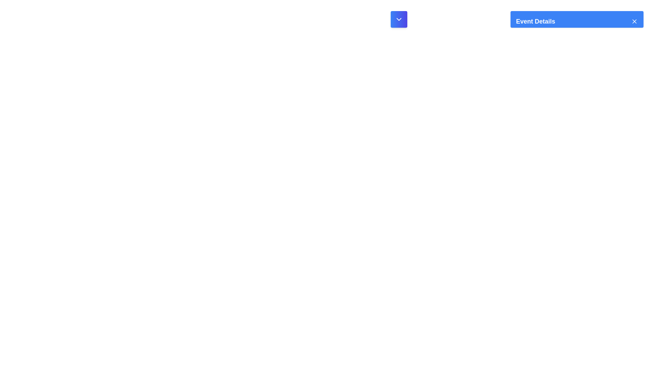 The height and width of the screenshot is (374, 665). Describe the element at coordinates (399, 19) in the screenshot. I see `the Dropdown toggle button, which is a square button with a blue to indigo gradient and a white downward chevron icon` at that location.